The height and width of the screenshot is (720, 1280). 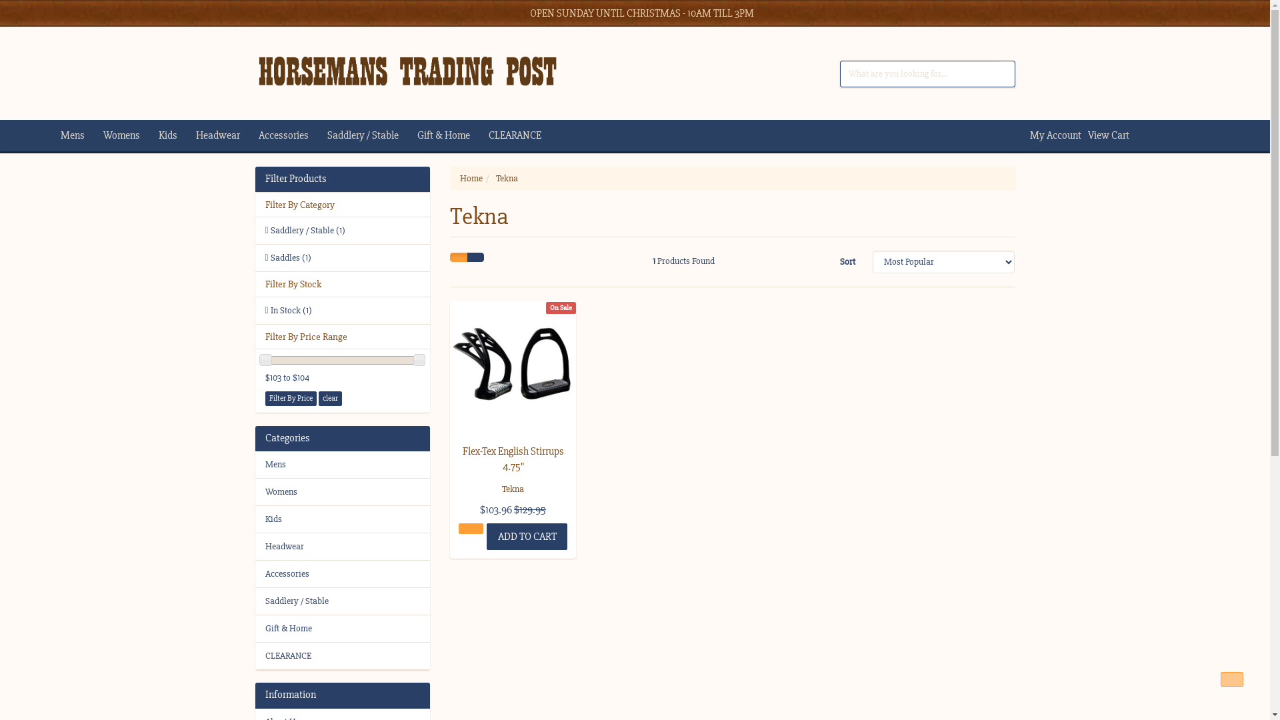 I want to click on 'Filter By Price', so click(x=290, y=397).